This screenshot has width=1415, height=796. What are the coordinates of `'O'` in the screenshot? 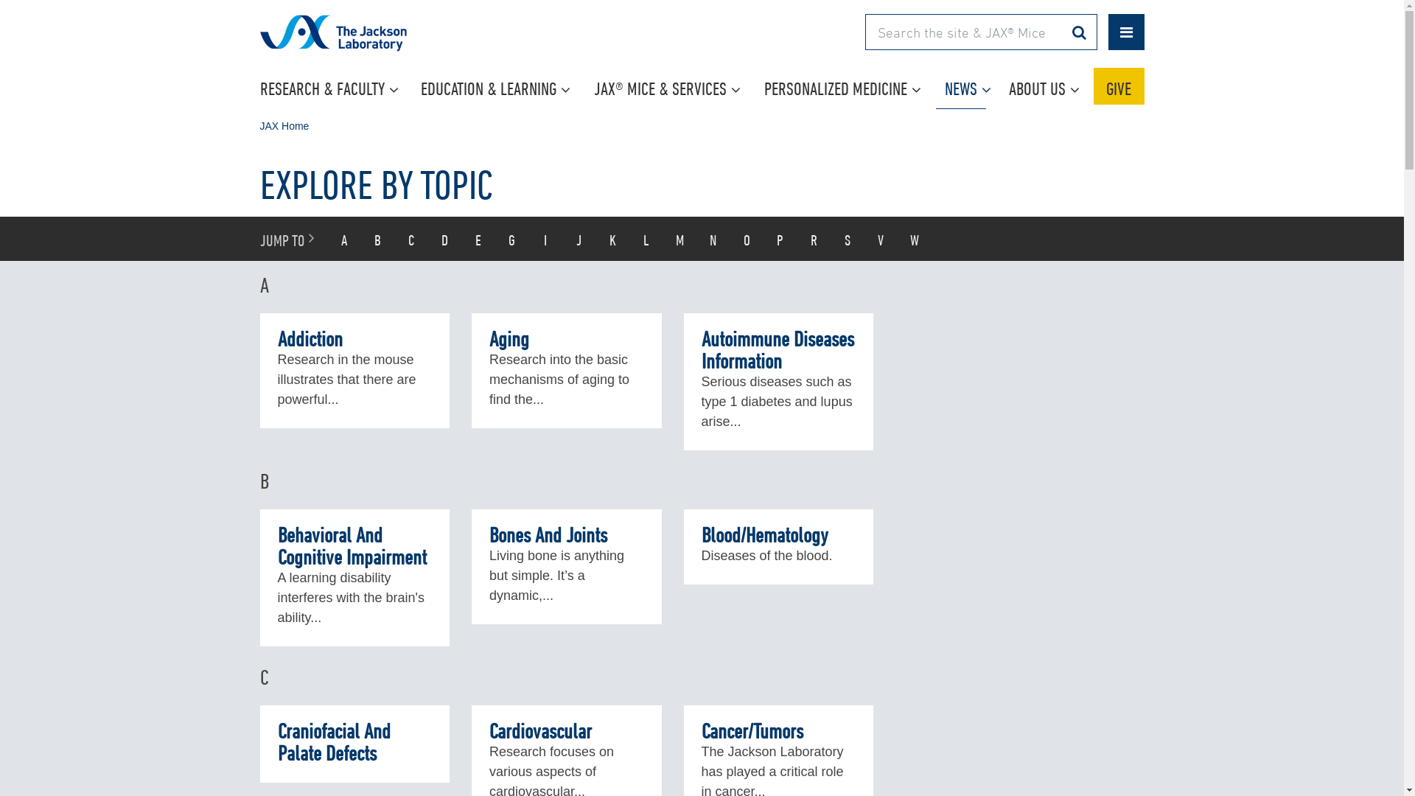 It's located at (746, 238).